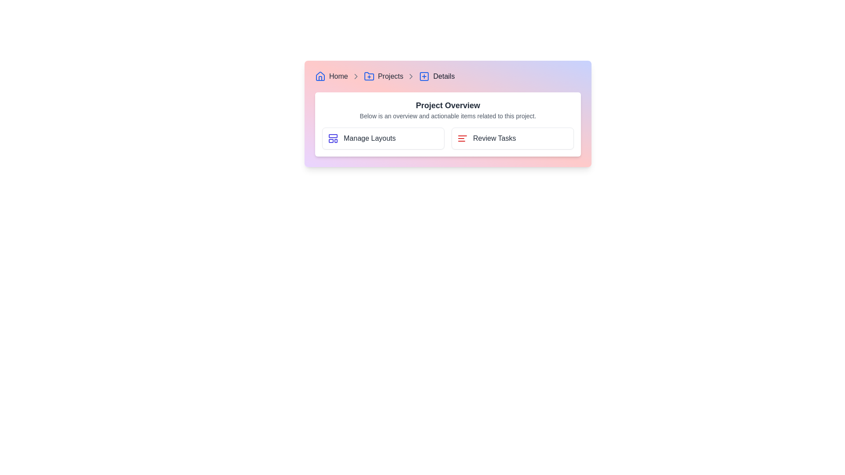 This screenshot has height=475, width=845. What do you see at coordinates (333, 136) in the screenshot?
I see `the decorative rectangle in the SVG icon that symbolizes 'layouts', located near the top navigation breadcrumb titled 'Manage Layouts'` at bounding box center [333, 136].